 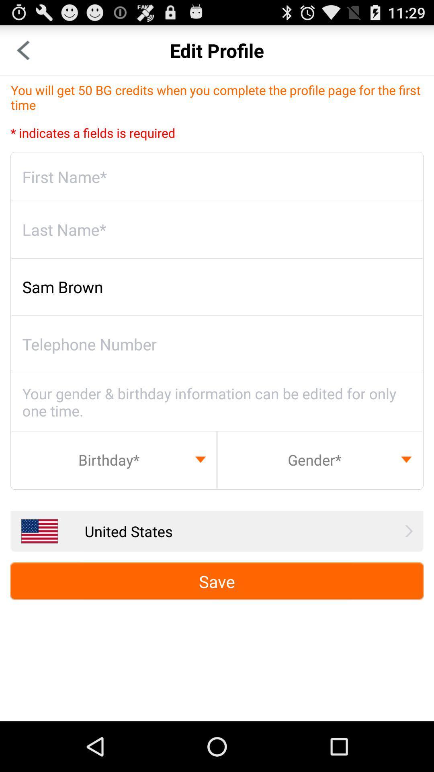 What do you see at coordinates (217, 344) in the screenshot?
I see `insert number` at bounding box center [217, 344].